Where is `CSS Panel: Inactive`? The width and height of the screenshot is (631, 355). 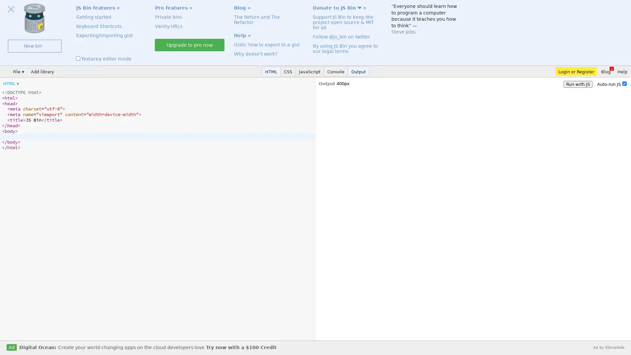
CSS Panel: Inactive is located at coordinates (288, 71).